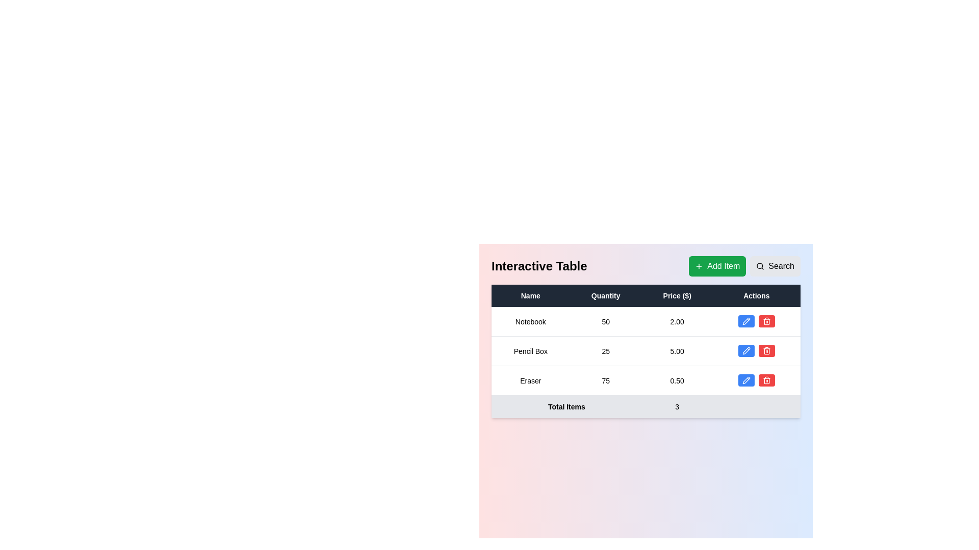  Describe the element at coordinates (606, 380) in the screenshot. I see `the static text label displaying the number '75' located in the 'Quantity' column of the 'Eraser' row in the table` at that location.